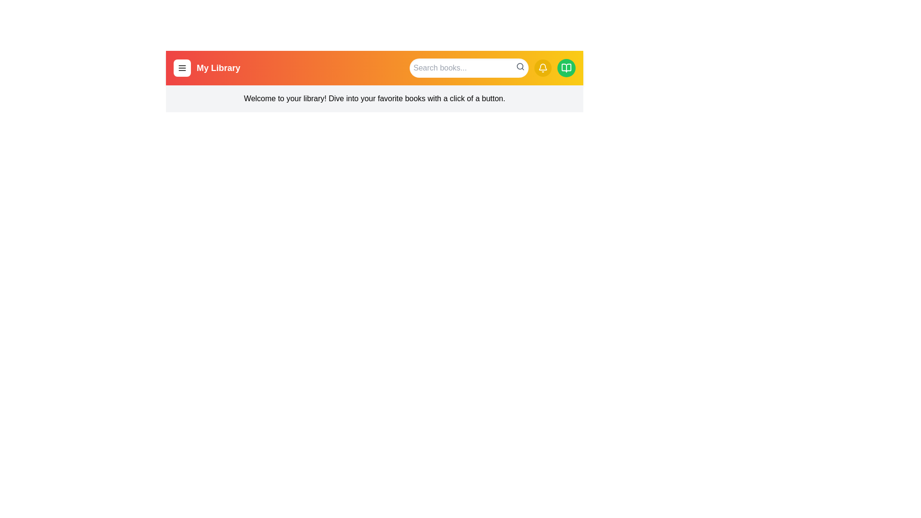  I want to click on the navigation menu button to open the menu, so click(182, 68).